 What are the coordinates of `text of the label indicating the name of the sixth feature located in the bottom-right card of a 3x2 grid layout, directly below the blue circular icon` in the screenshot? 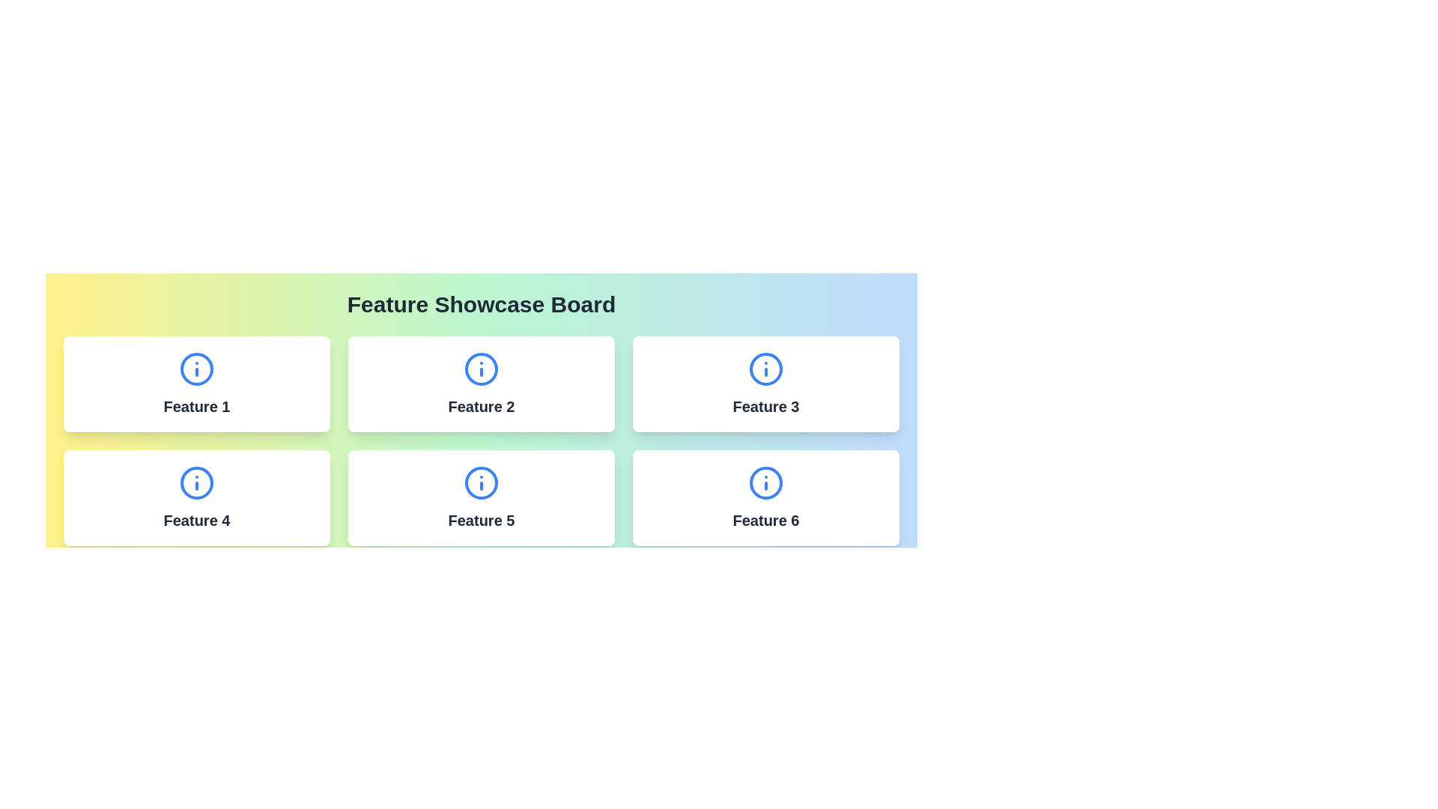 It's located at (765, 519).